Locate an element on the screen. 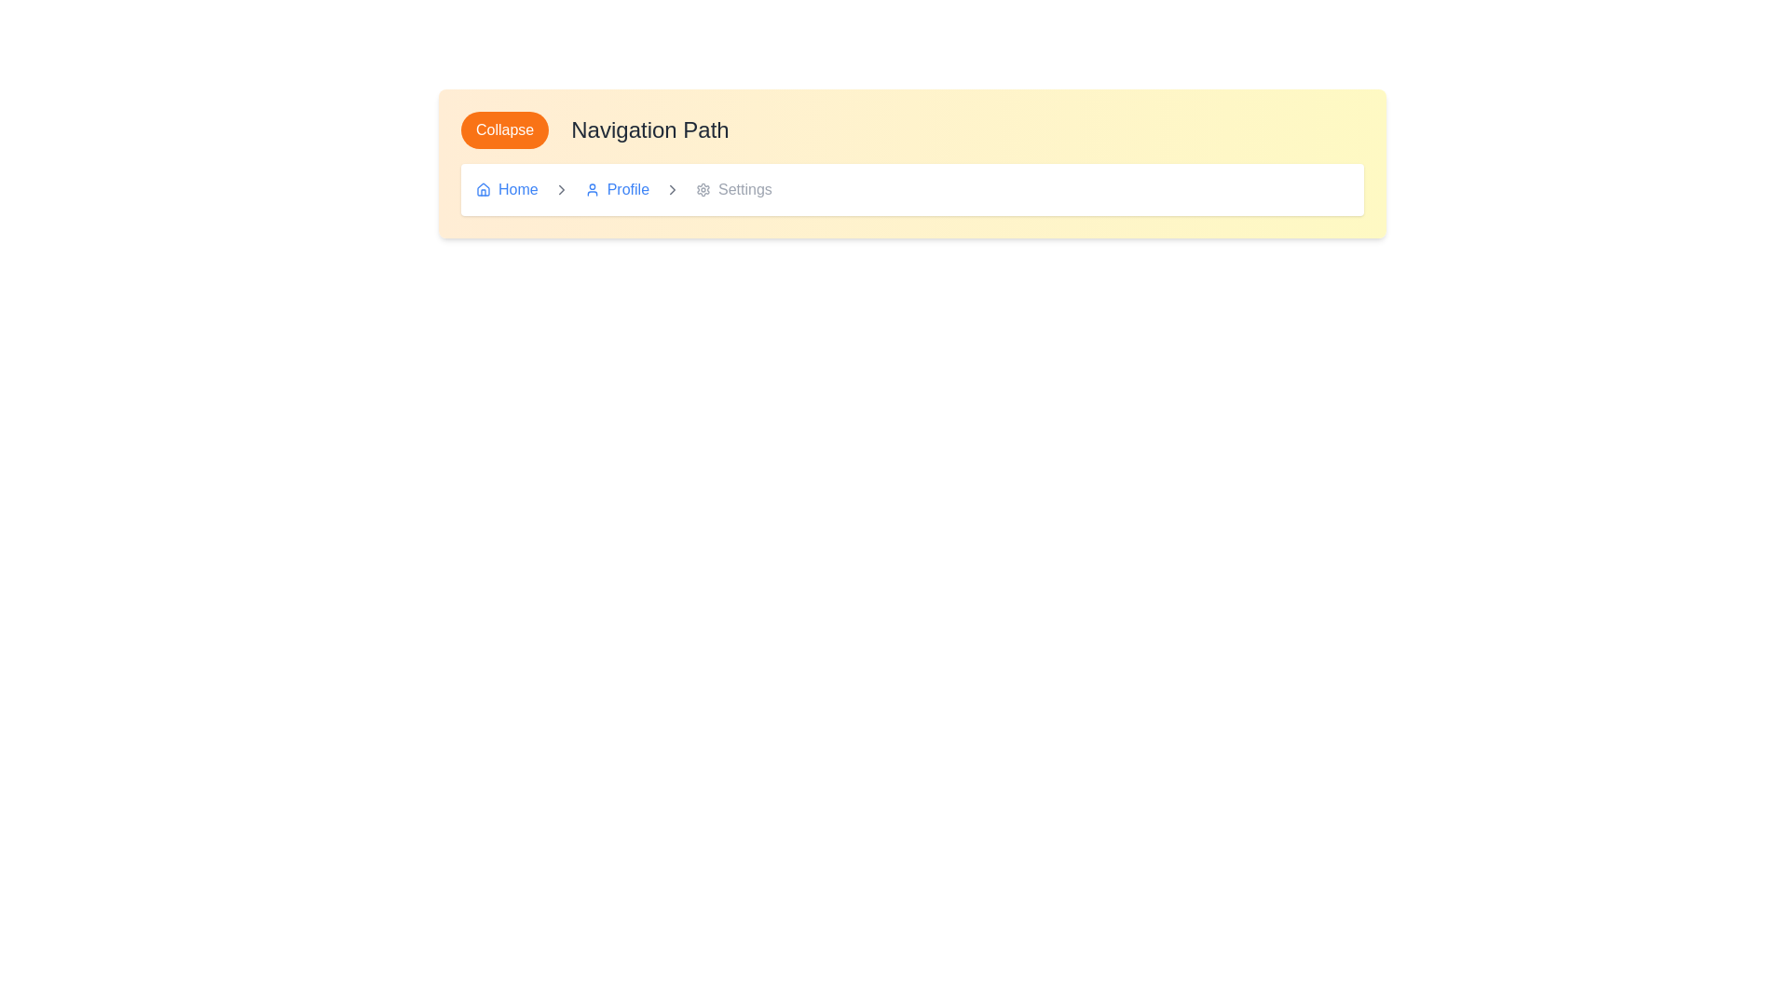 The height and width of the screenshot is (1006, 1789). the user icon of the 'Profile' navigation link, which is the second clickable item in the horizontal navigation bar, for additional actions if supported is located at coordinates (617, 190).